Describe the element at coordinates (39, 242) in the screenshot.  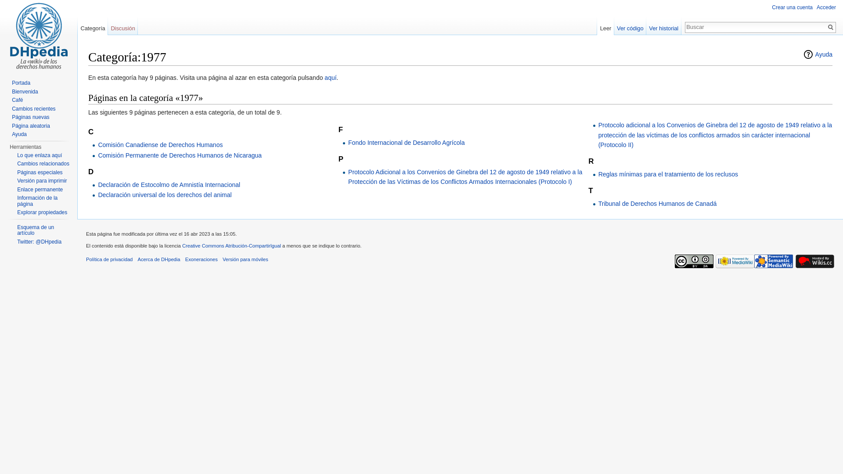
I see `'Twitter: @DHpedia'` at that location.